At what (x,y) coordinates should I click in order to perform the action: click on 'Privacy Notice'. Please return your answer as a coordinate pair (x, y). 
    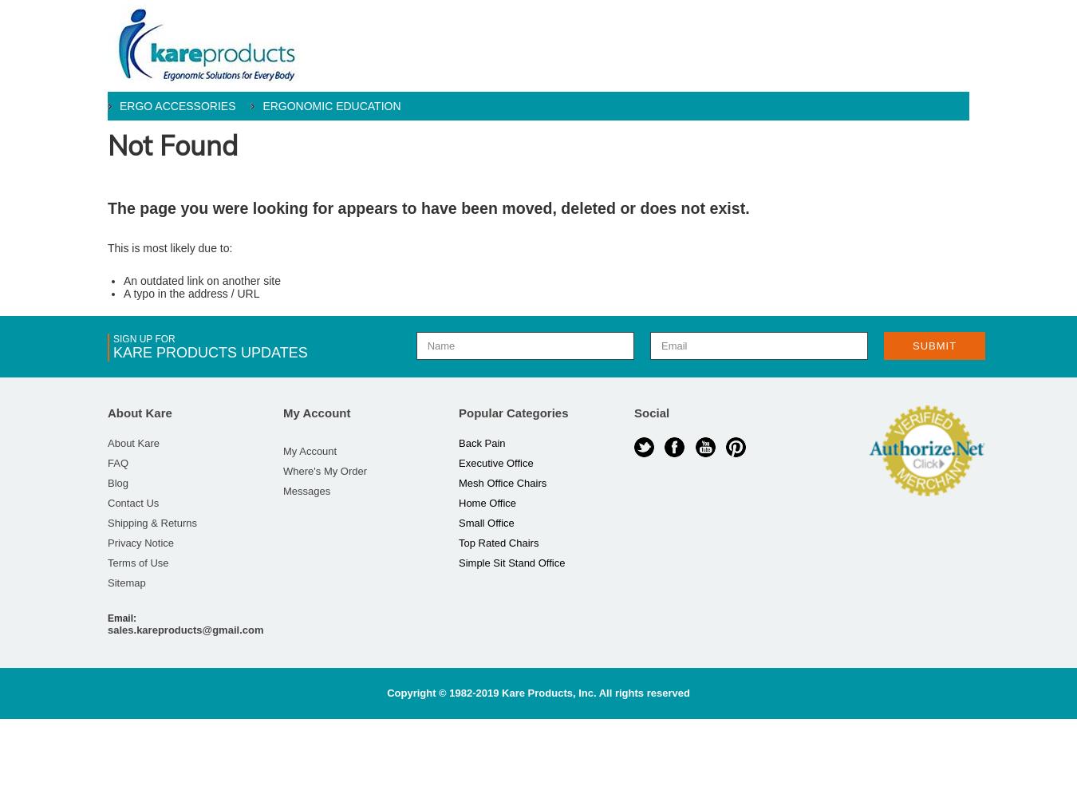
    Looking at the image, I should click on (140, 543).